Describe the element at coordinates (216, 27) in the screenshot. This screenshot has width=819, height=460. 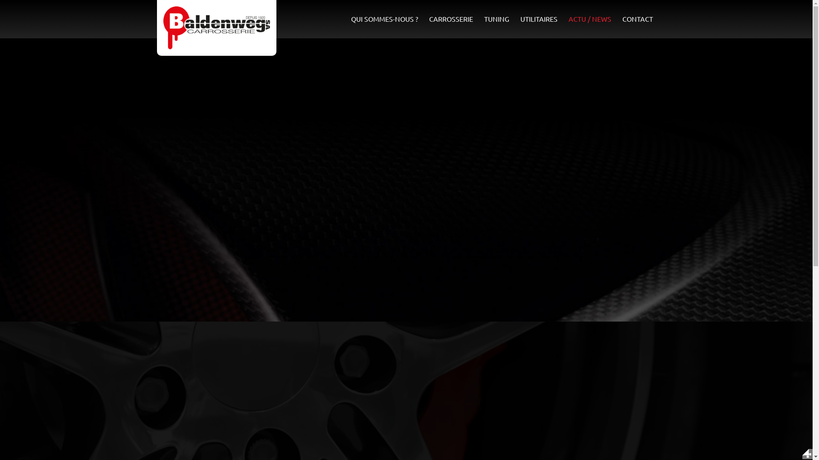
I see `'Actu / News - mai 2016'` at that location.